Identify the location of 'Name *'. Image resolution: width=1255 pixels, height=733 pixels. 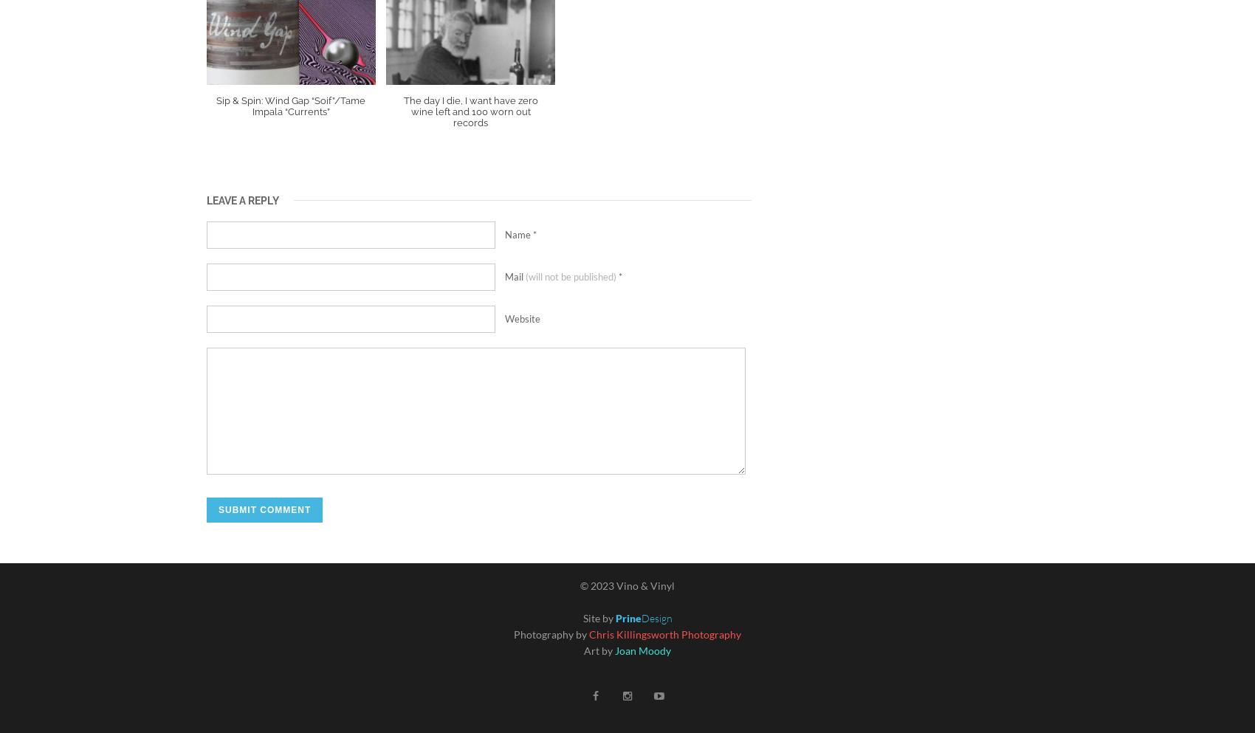
(520, 233).